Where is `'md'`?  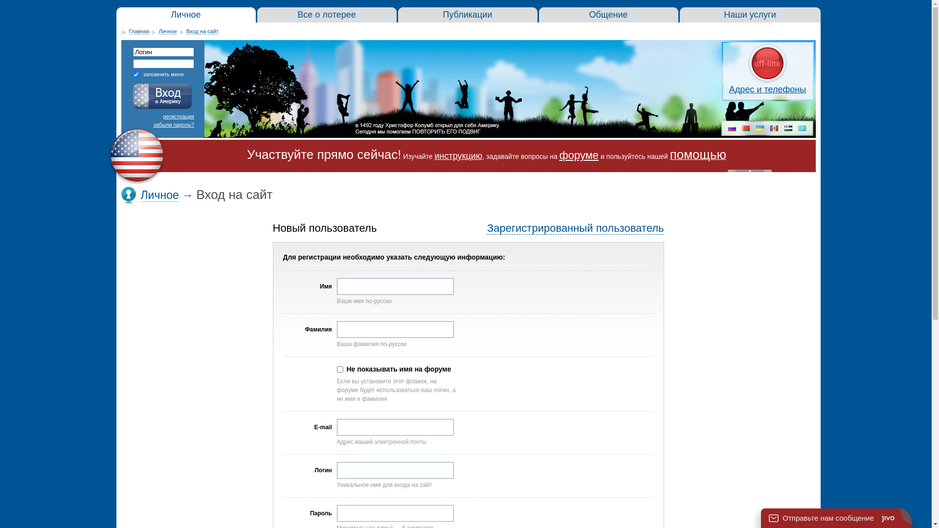
'md' is located at coordinates (774, 129).